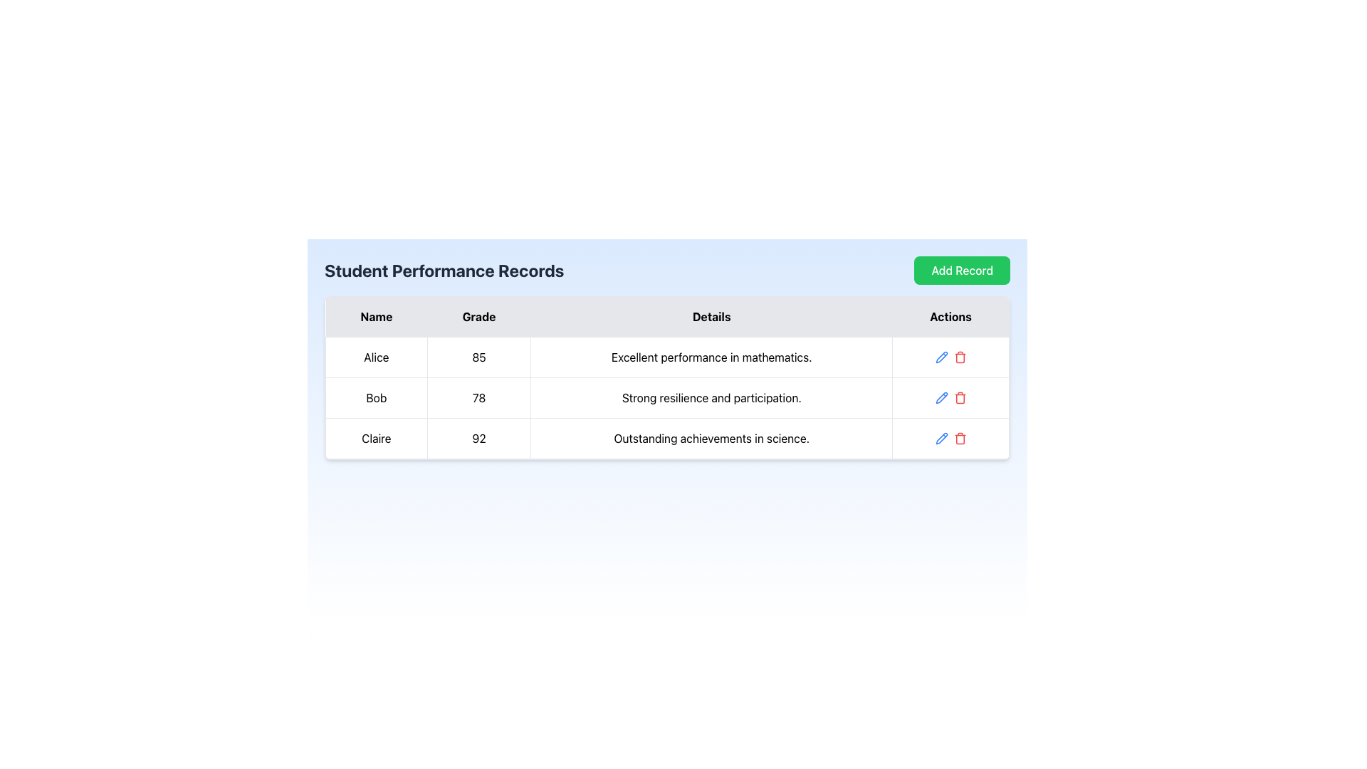 The height and width of the screenshot is (769, 1367). Describe the element at coordinates (666, 398) in the screenshot. I see `the second row in the 'Student Performance Records' table, which includes details about a specific student's name, grade, and achievements` at that location.